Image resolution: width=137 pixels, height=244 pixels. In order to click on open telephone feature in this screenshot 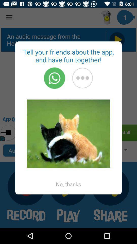, I will do `click(54, 78)`.